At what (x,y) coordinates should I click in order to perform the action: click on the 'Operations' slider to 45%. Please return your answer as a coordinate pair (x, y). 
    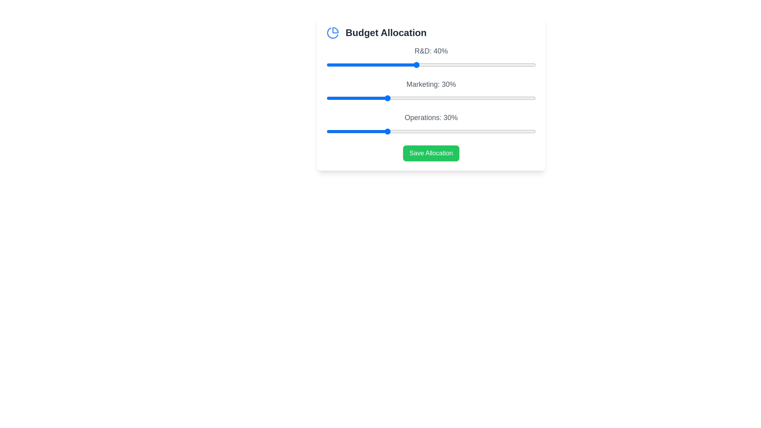
    Looking at the image, I should click on (431, 131).